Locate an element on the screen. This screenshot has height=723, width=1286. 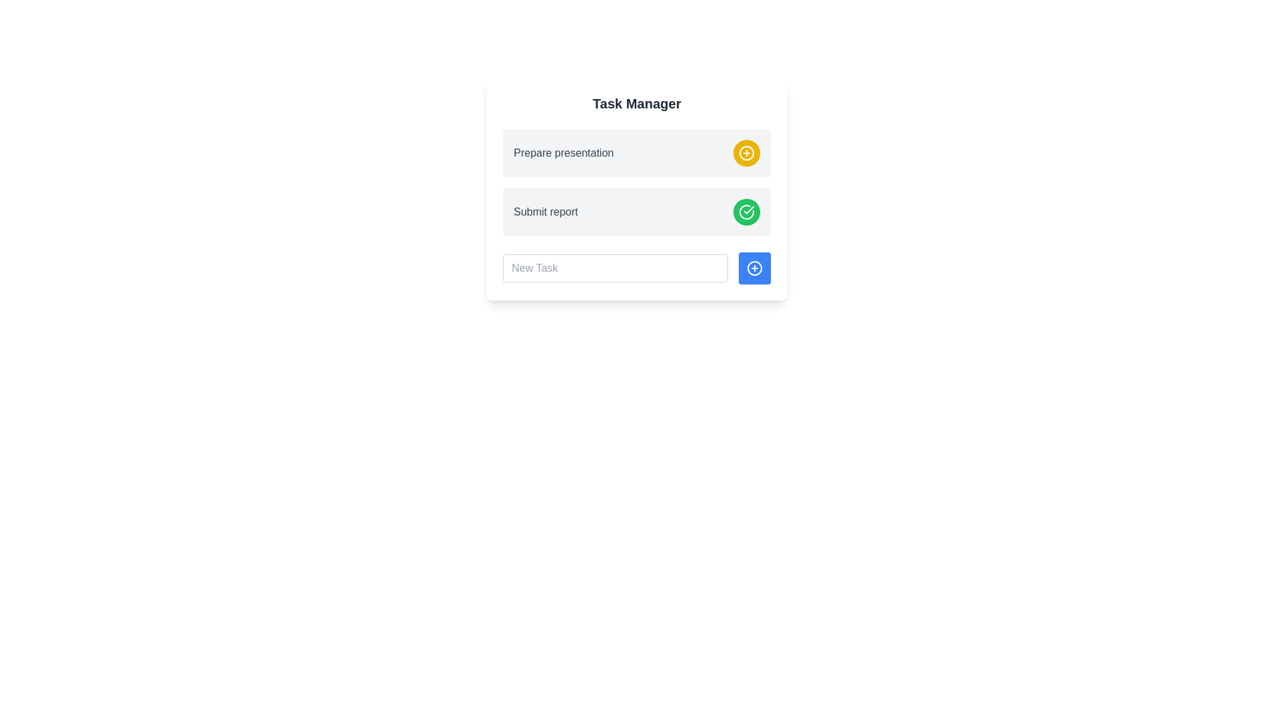
the icon button located in the bottom-right corner of the interface, next to the 'New Task' input field is located at coordinates (755, 268).